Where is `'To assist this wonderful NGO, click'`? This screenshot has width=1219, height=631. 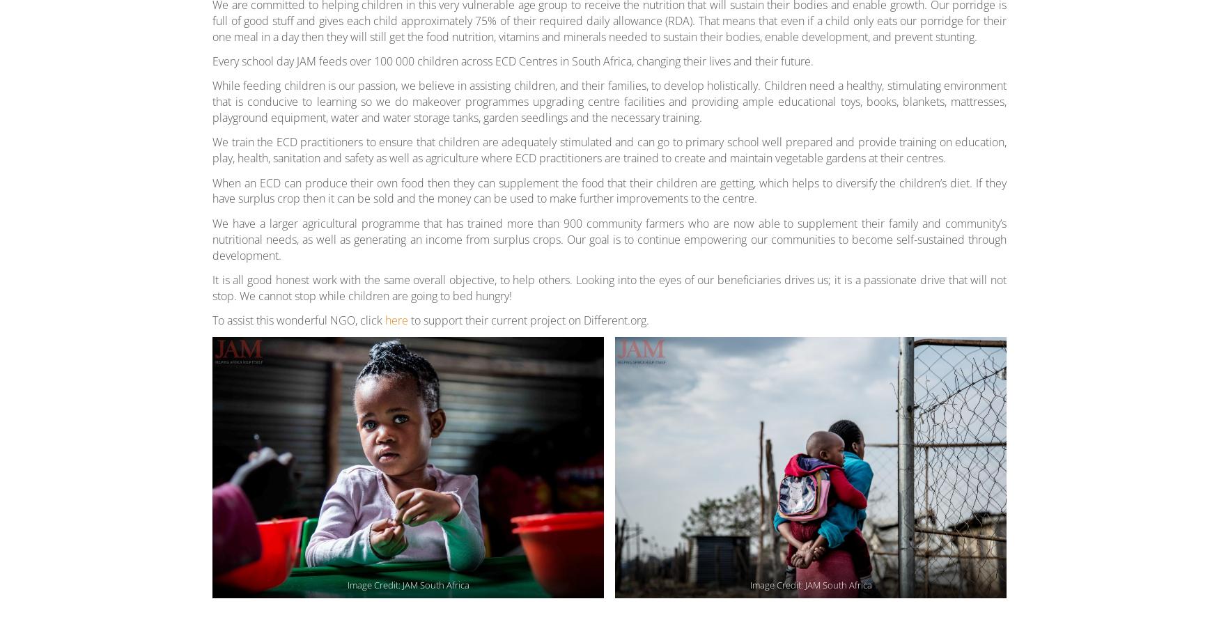 'To assist this wonderful NGO, click' is located at coordinates (297, 319).